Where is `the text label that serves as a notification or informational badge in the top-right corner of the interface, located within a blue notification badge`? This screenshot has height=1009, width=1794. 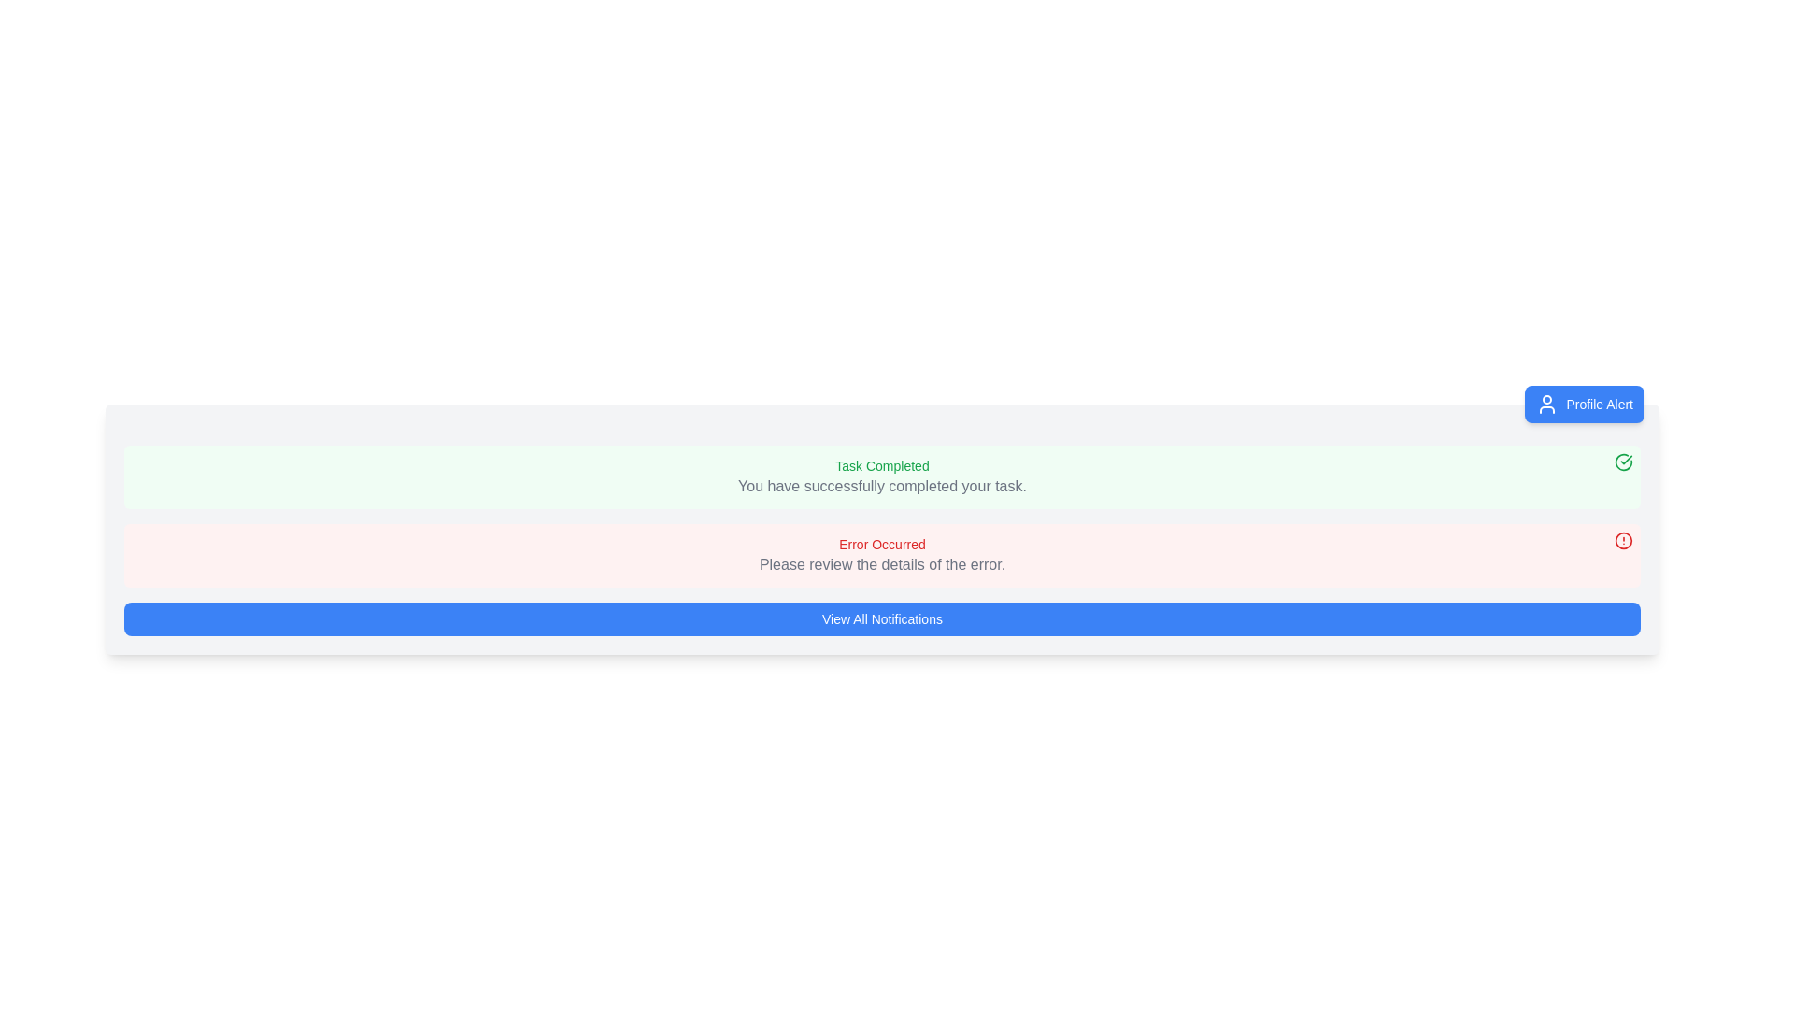
the text label that serves as a notification or informational badge in the top-right corner of the interface, located within a blue notification badge is located at coordinates (1599, 403).